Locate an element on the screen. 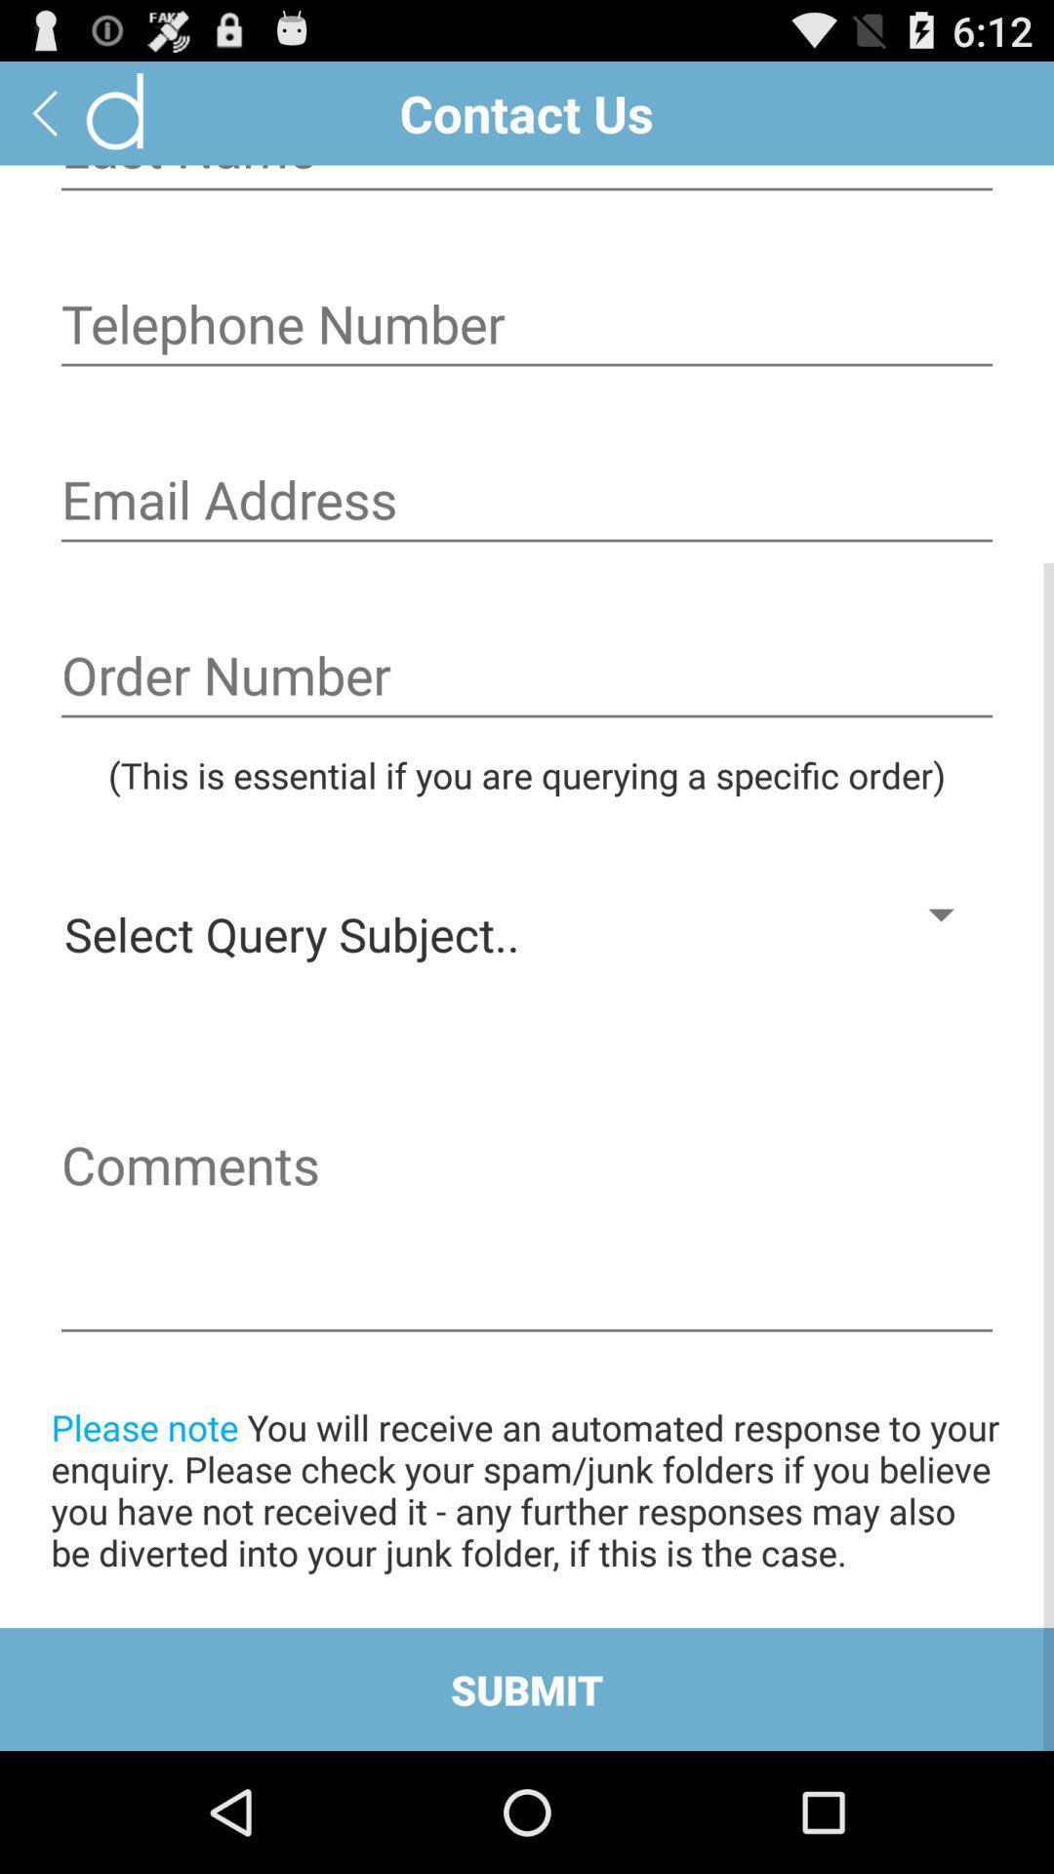  the arrow_backward icon is located at coordinates (44, 120).